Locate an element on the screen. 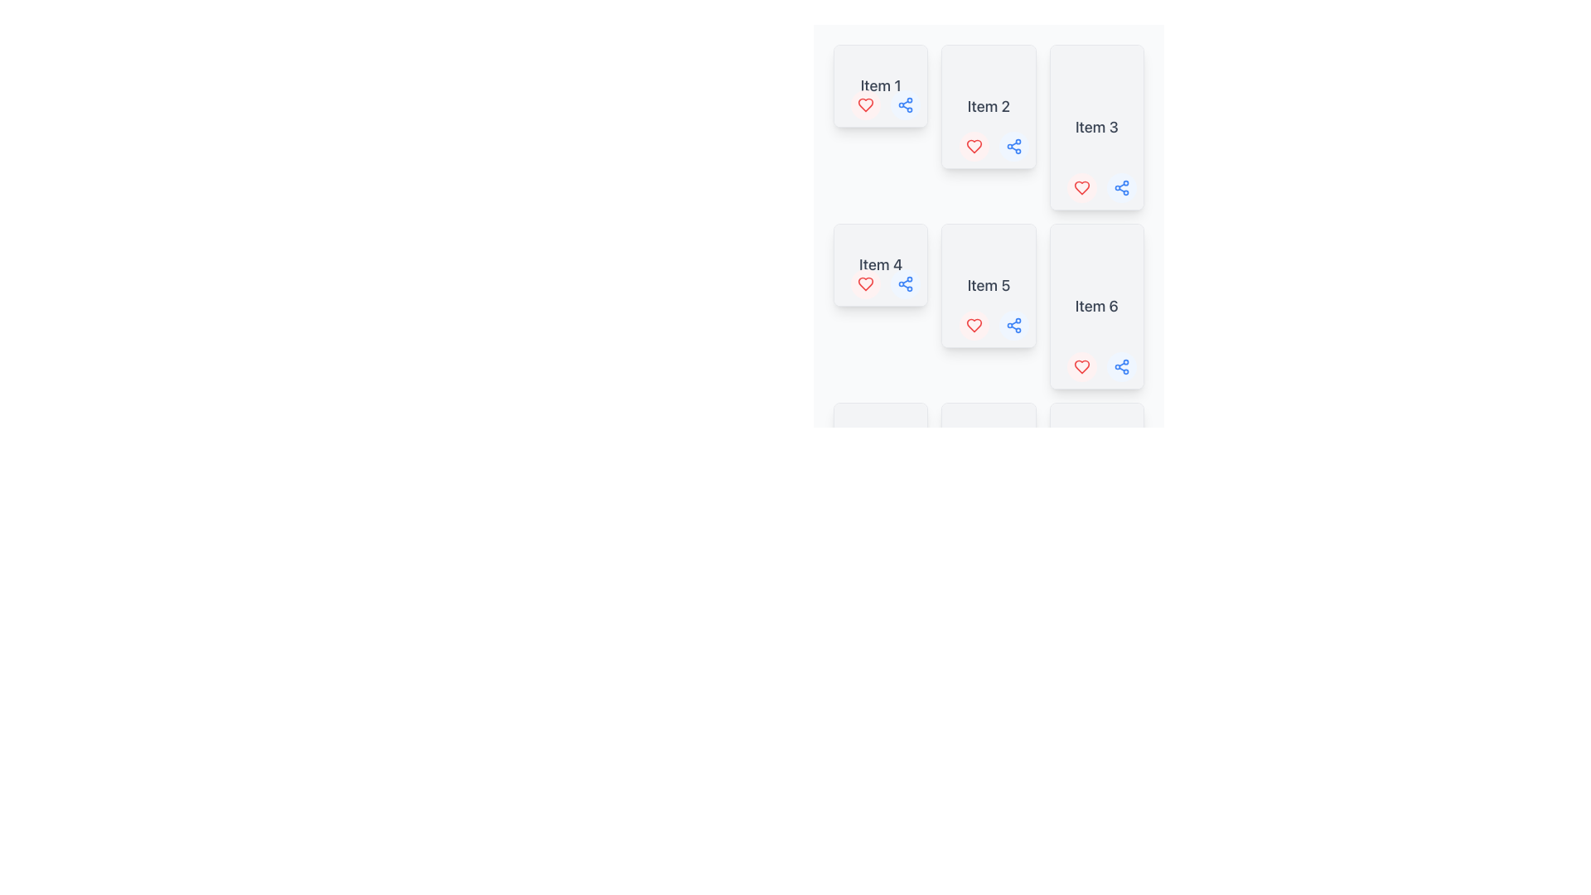  the share icon, which is a blue icon with three interconnected circles, located below 'Item 3' and aligned with a heart icon is located at coordinates (1121, 187).